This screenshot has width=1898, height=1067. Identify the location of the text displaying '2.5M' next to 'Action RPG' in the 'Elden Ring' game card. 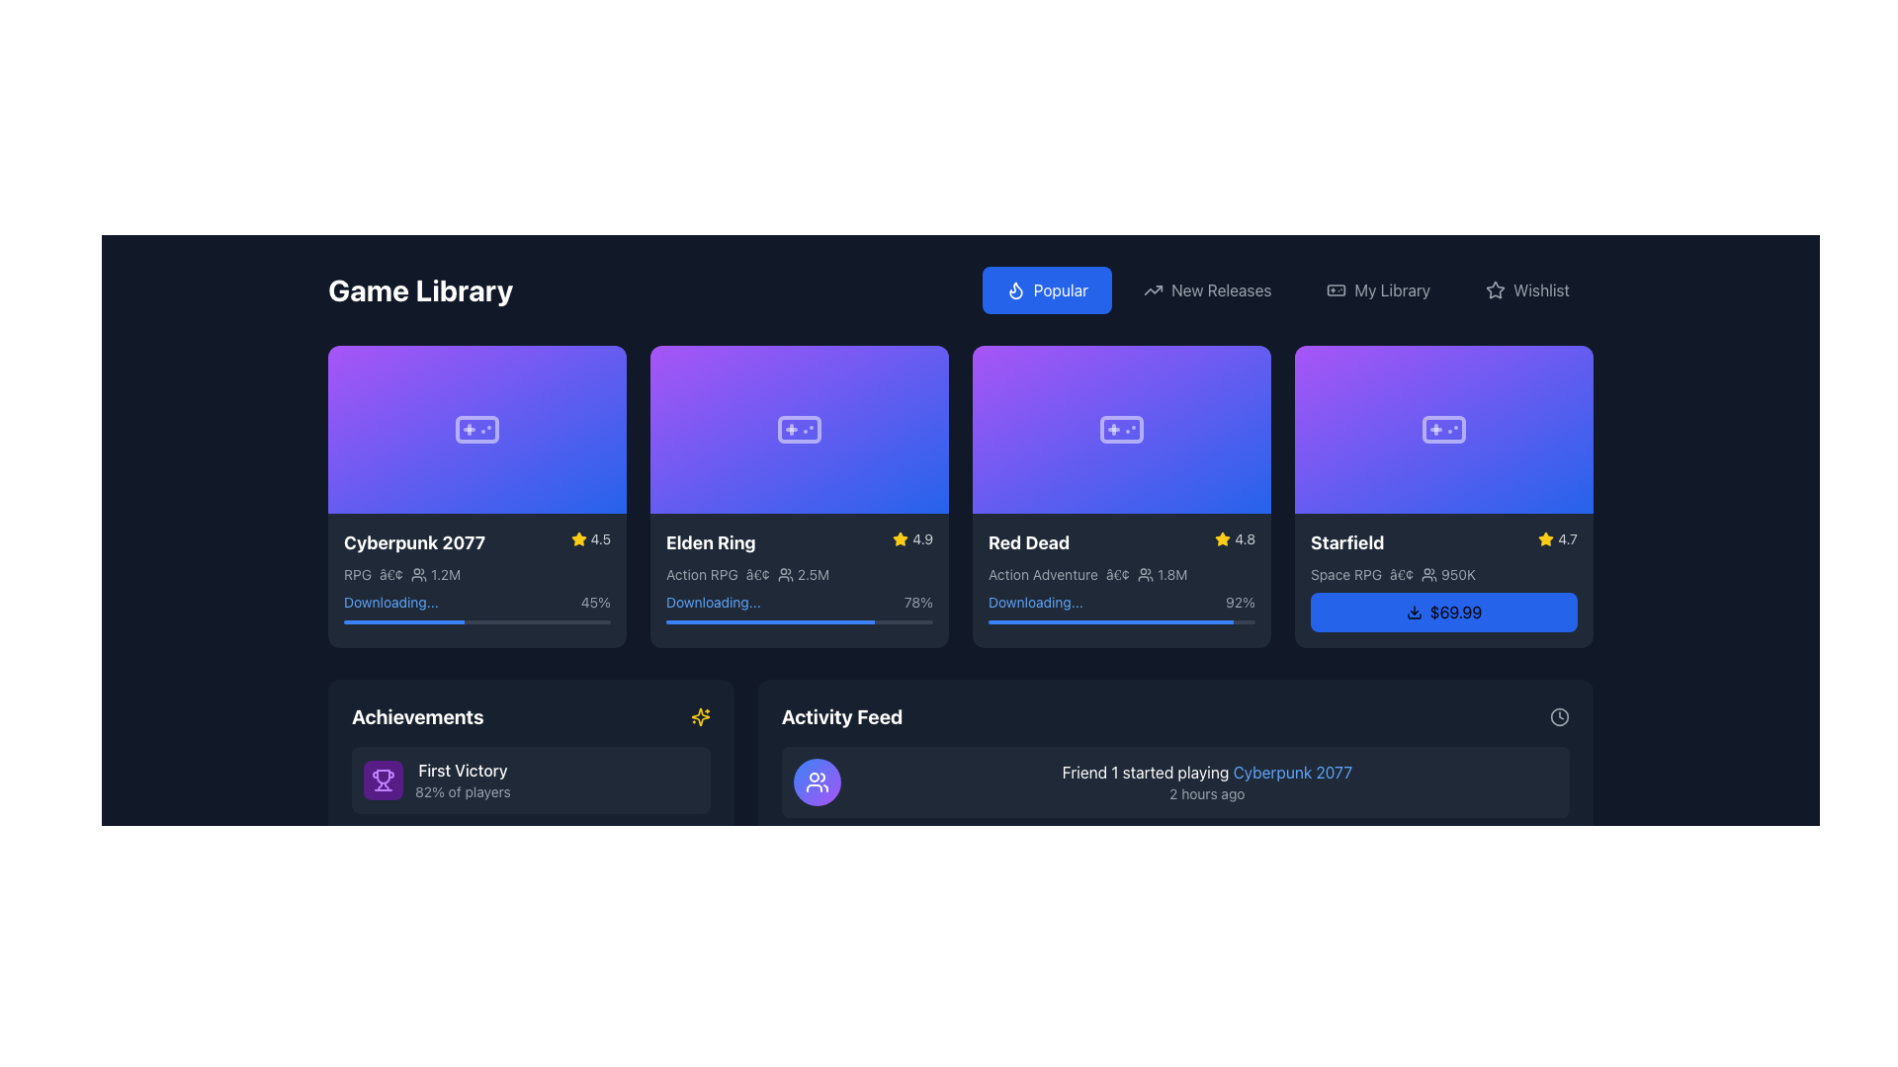
(804, 574).